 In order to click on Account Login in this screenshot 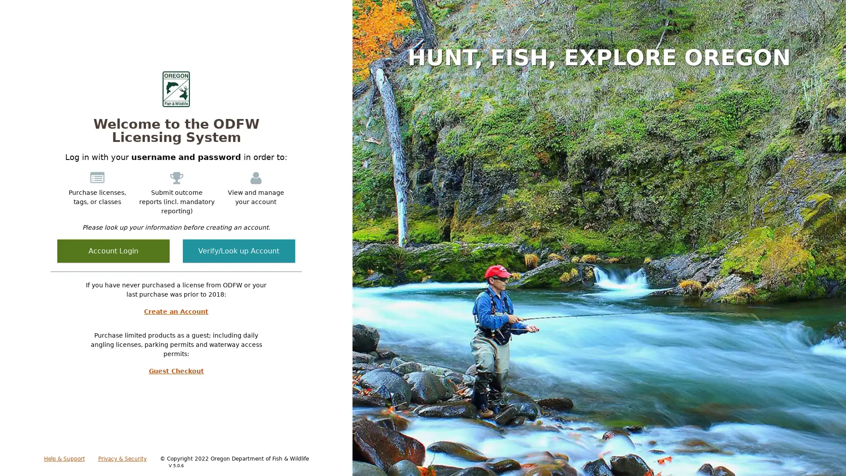, I will do `click(113, 251)`.